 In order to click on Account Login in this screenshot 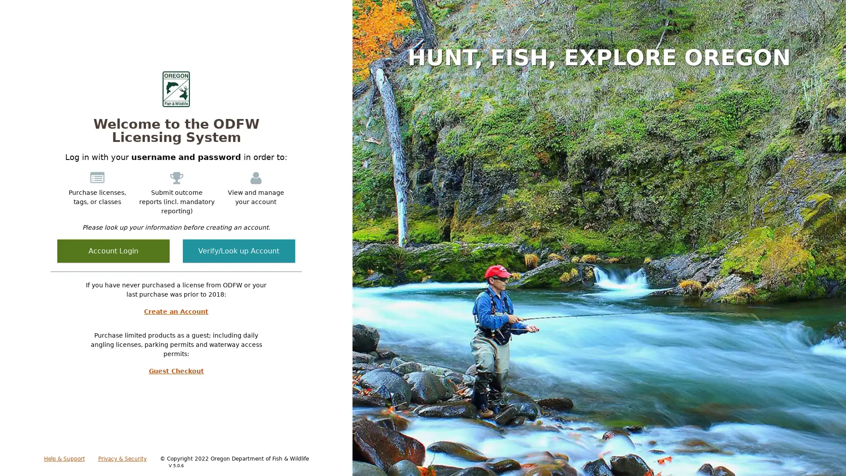, I will do `click(113, 251)`.